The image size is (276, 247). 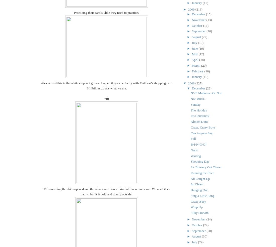 What do you see at coordinates (199, 190) in the screenshot?
I see `'Hanging Out'` at bounding box center [199, 190].